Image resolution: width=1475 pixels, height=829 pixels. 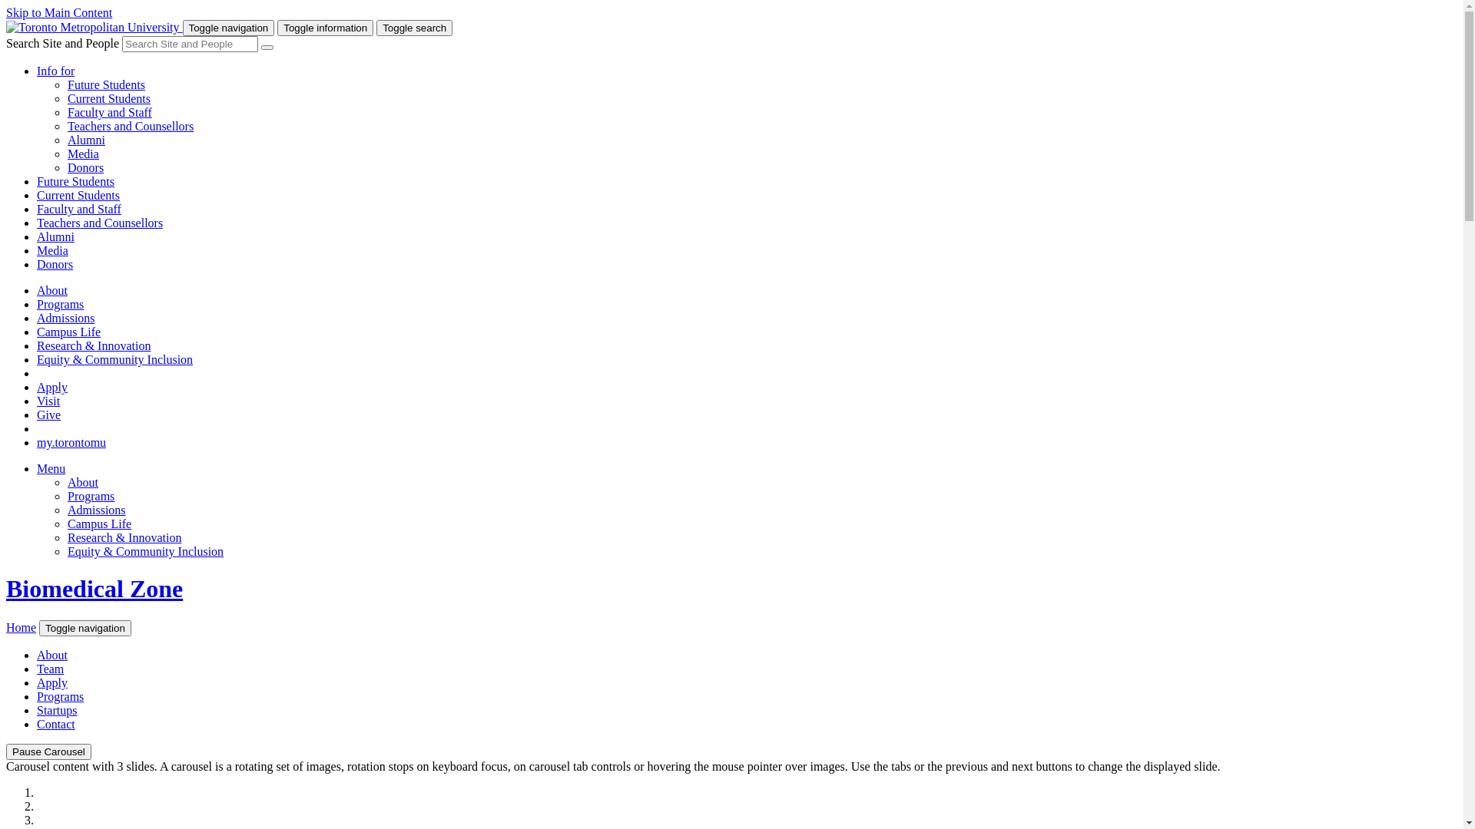 I want to click on 'Menu', so click(x=51, y=467).